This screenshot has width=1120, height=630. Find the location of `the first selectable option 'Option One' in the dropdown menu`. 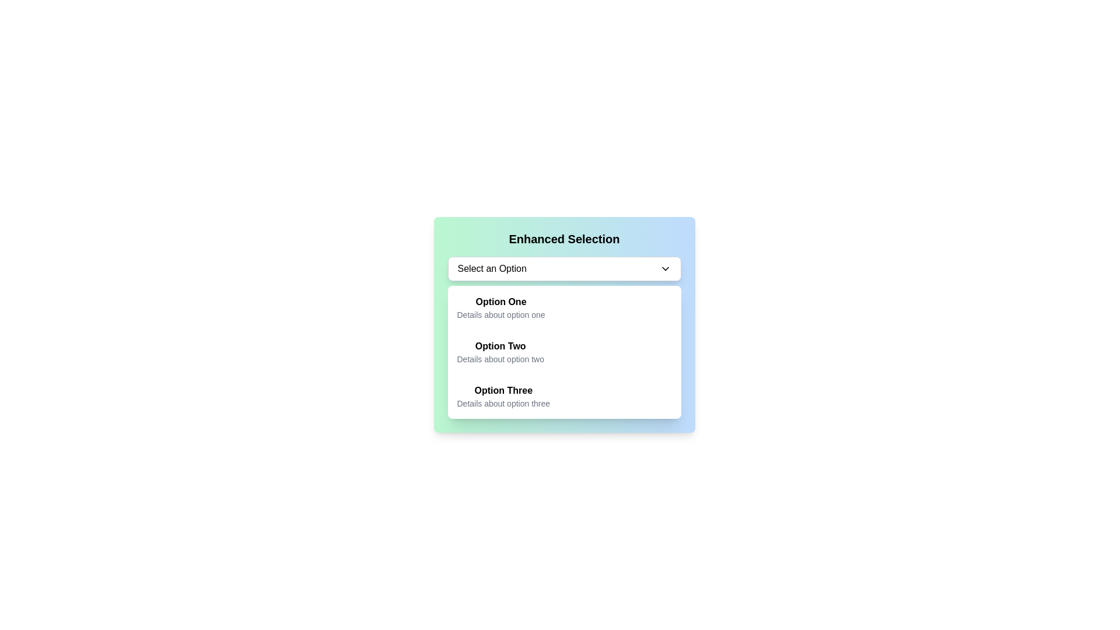

the first selectable option 'Option One' in the dropdown menu is located at coordinates (564, 307).